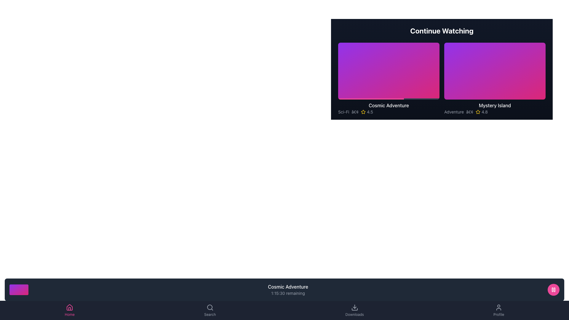 Image resolution: width=569 pixels, height=320 pixels. I want to click on rating value displayed as '4.5' on the Text Label, which is positioned to the right of a star icon in the 'Continue Watching' section, so click(370, 112).